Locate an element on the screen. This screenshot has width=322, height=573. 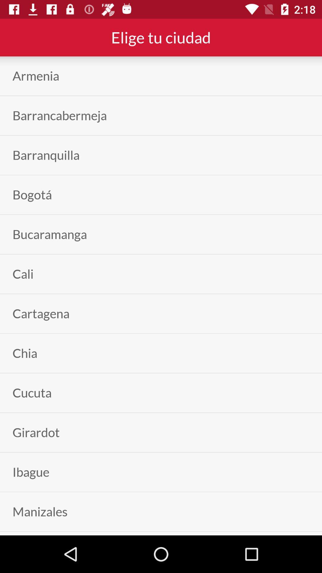
icon above the bucaramanga is located at coordinates (32, 195).